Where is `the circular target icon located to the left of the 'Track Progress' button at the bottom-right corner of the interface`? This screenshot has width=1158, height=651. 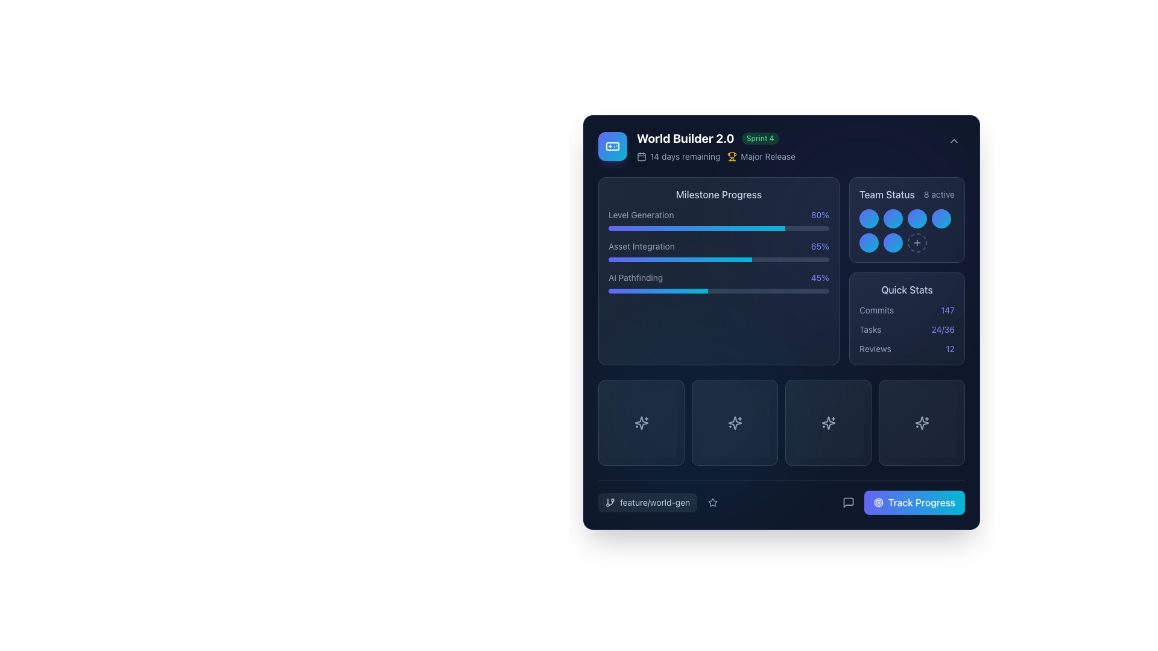 the circular target icon located to the left of the 'Track Progress' button at the bottom-right corner of the interface is located at coordinates (878, 502).